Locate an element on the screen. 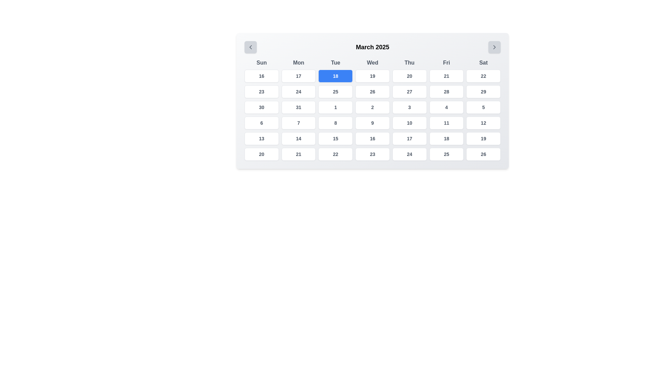 Image resolution: width=653 pixels, height=367 pixels. the date '1' label in the sixth row and third column of the calendar is located at coordinates (335, 107).